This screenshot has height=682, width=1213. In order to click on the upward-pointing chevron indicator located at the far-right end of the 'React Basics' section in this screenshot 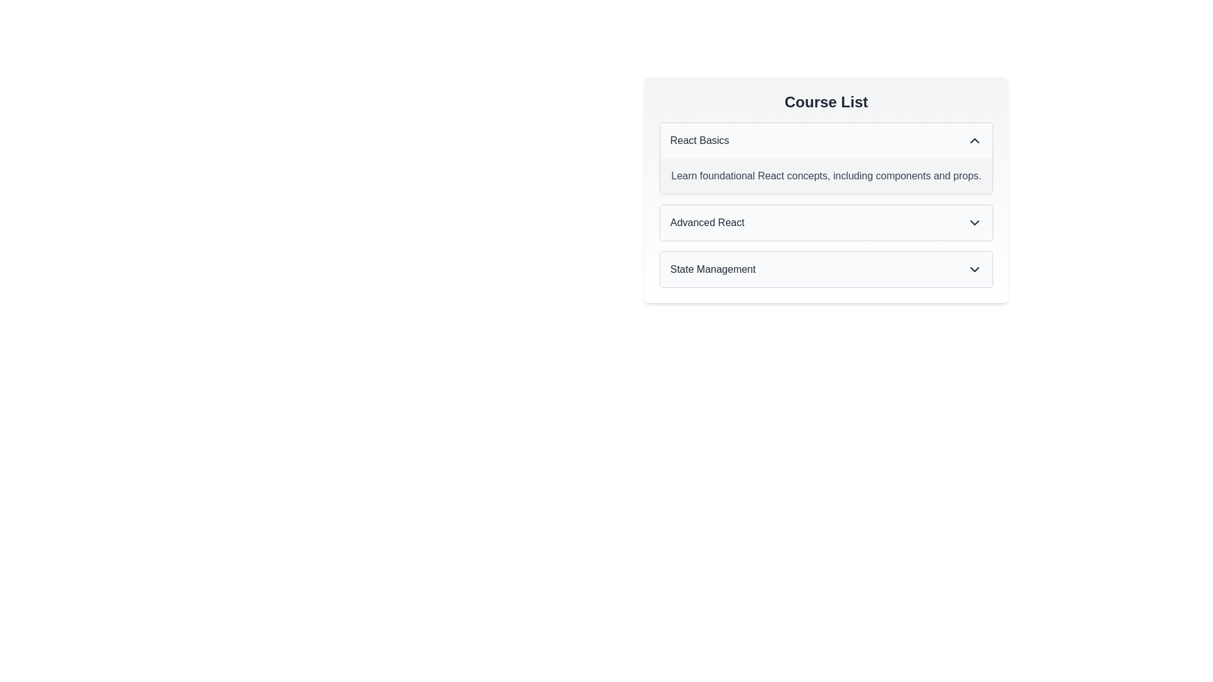, I will do `click(974, 141)`.